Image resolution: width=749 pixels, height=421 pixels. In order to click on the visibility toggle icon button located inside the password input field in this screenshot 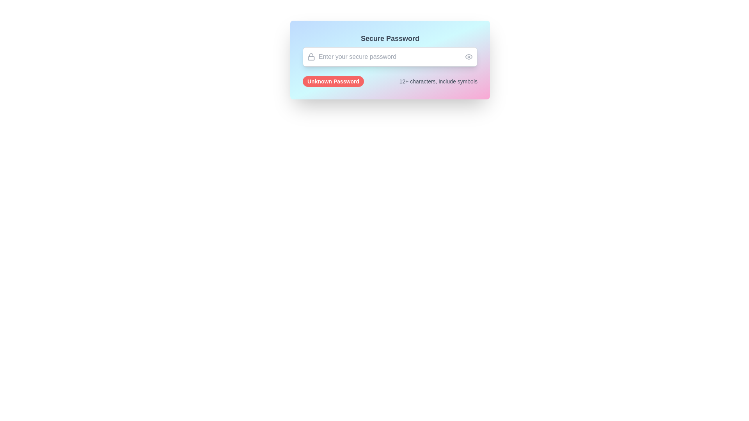, I will do `click(468, 57)`.